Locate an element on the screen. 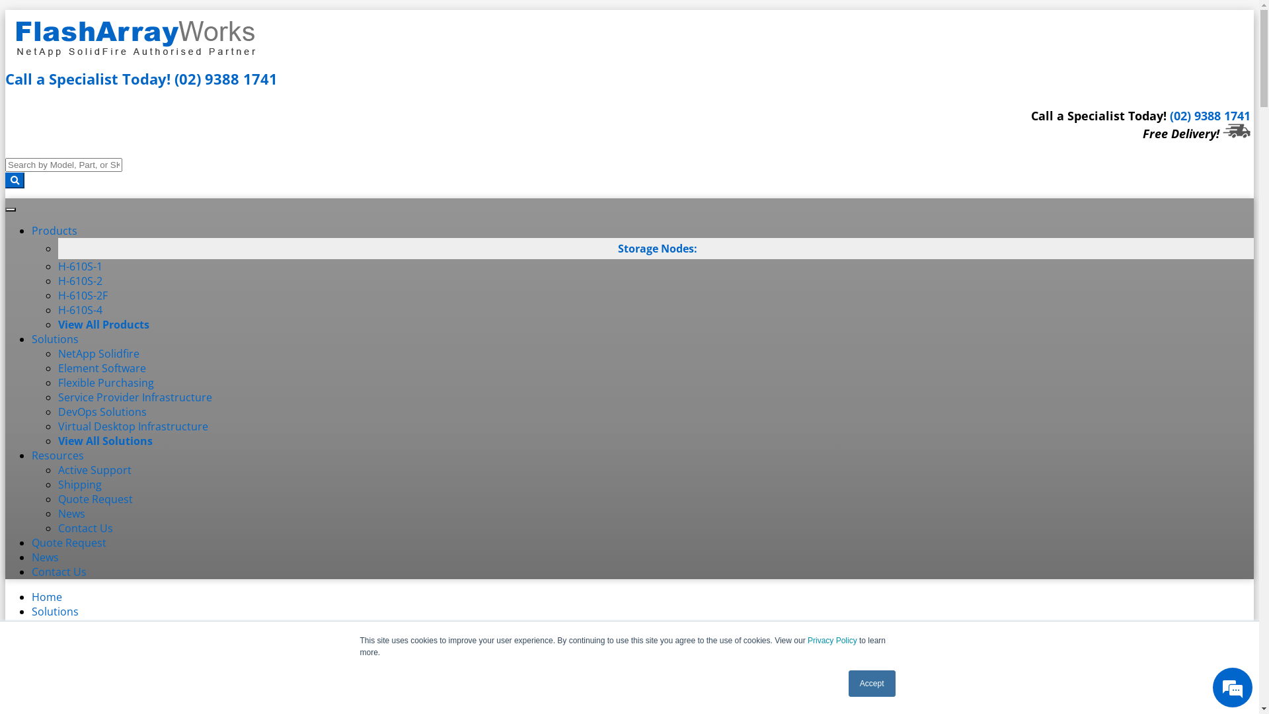 This screenshot has height=714, width=1269. 'Shipping' is located at coordinates (79, 484).